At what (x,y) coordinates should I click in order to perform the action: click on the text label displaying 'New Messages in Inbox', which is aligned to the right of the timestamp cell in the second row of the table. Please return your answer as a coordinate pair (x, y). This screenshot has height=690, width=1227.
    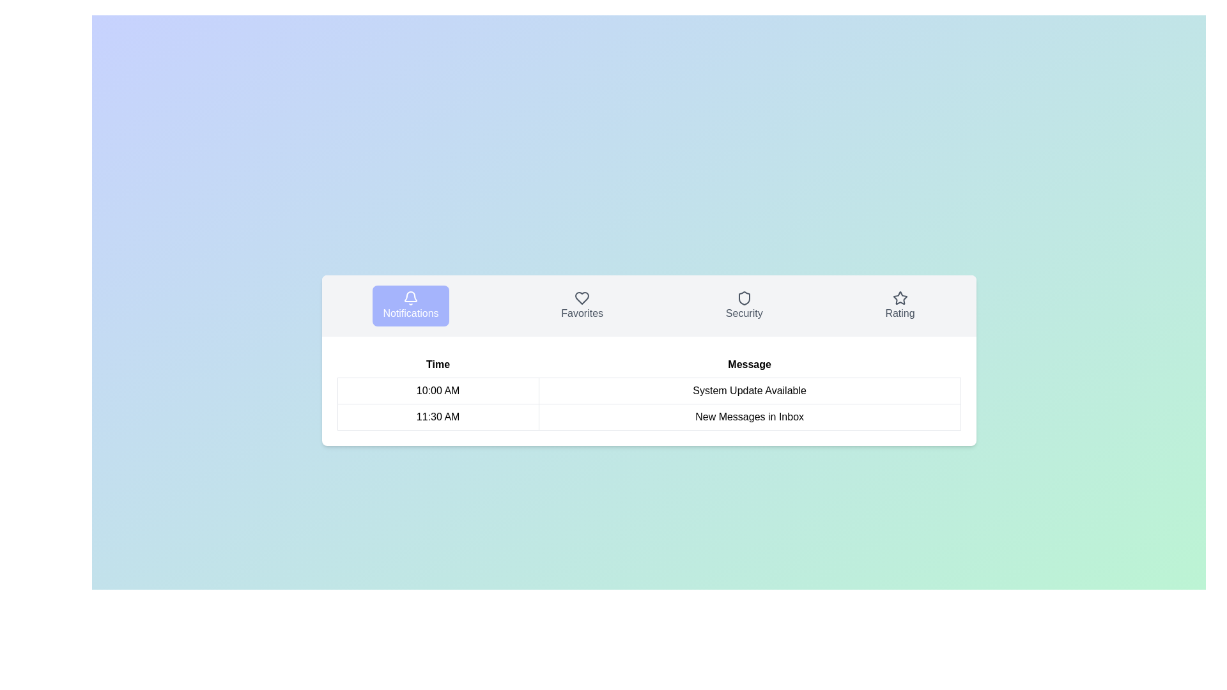
    Looking at the image, I should click on (750, 417).